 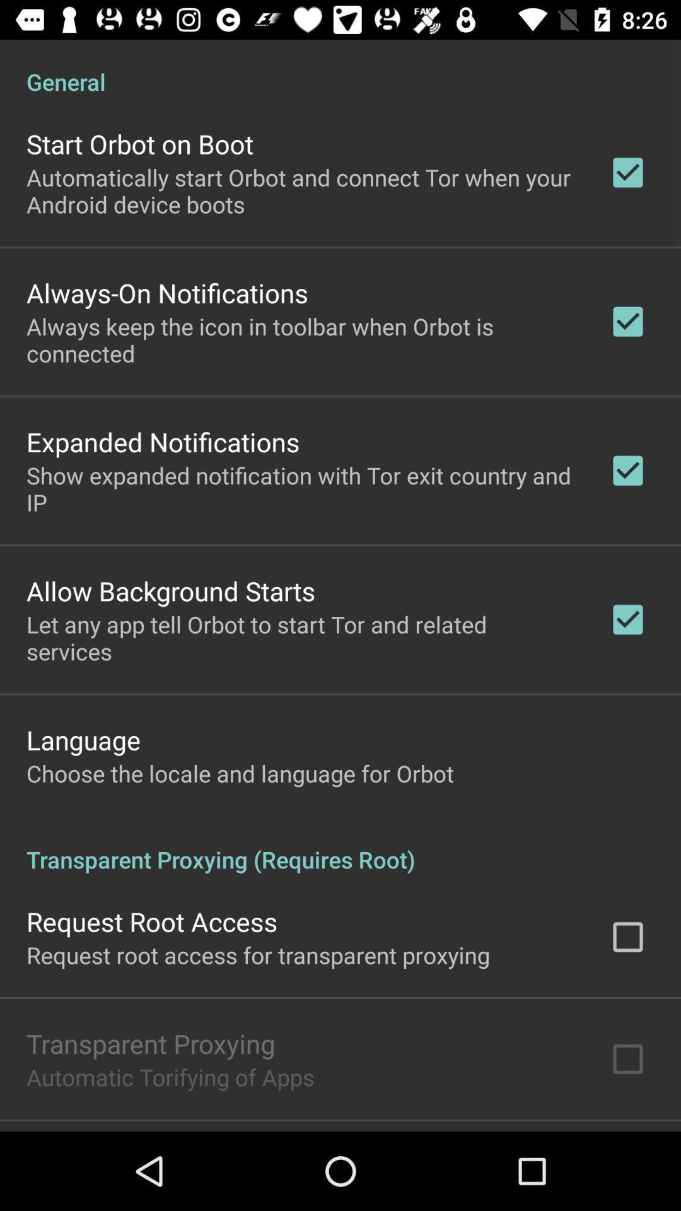 What do you see at coordinates (170, 1076) in the screenshot?
I see `automatic torifying of item` at bounding box center [170, 1076].